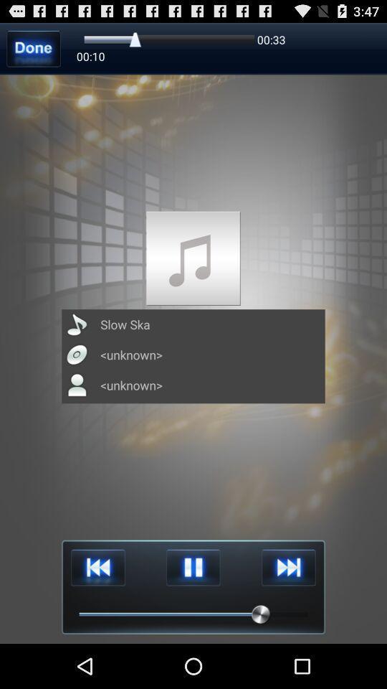 This screenshot has height=689, width=387. Describe the element at coordinates (193, 568) in the screenshot. I see `pause music` at that location.